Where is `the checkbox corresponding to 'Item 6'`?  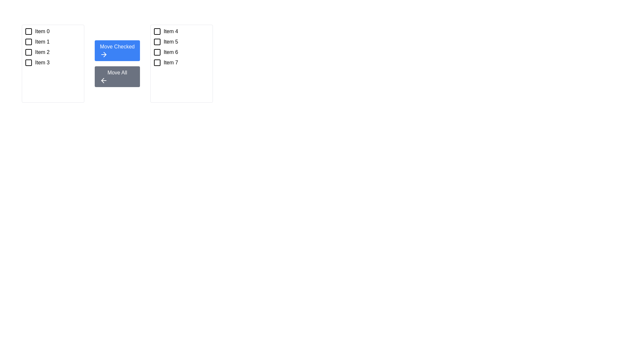 the checkbox corresponding to 'Item 6' is located at coordinates (157, 52).